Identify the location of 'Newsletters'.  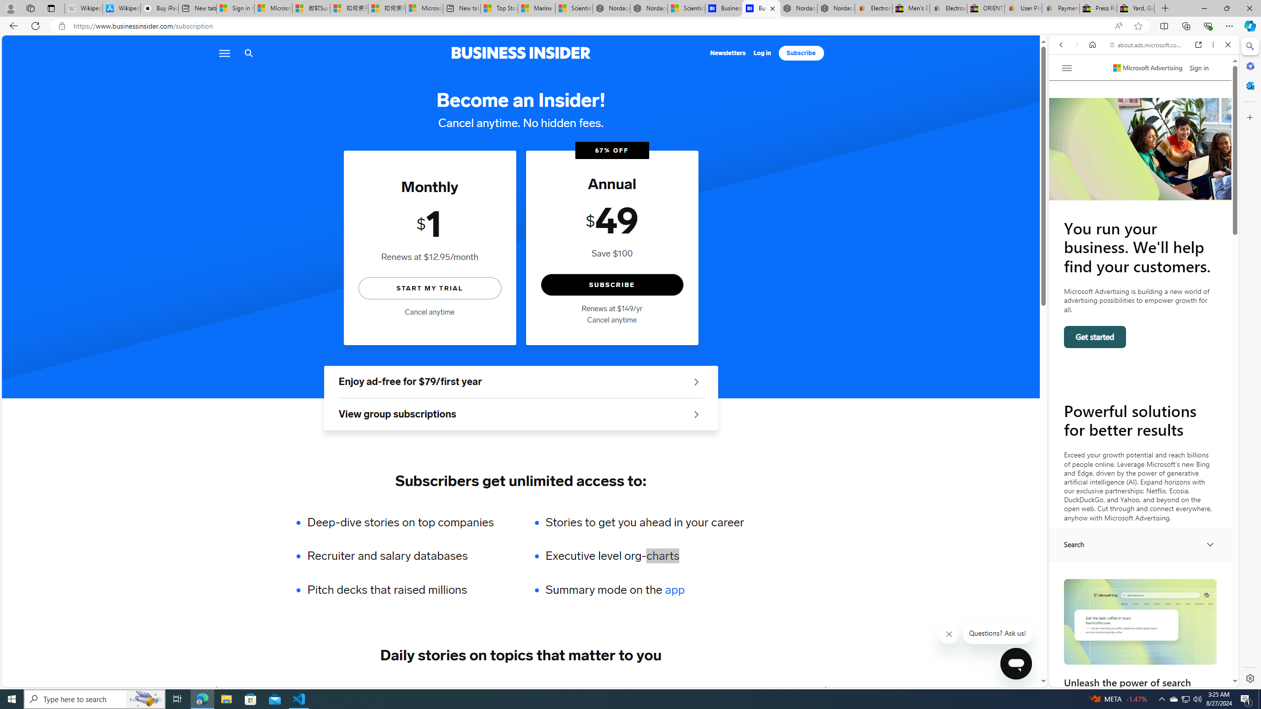
(728, 53).